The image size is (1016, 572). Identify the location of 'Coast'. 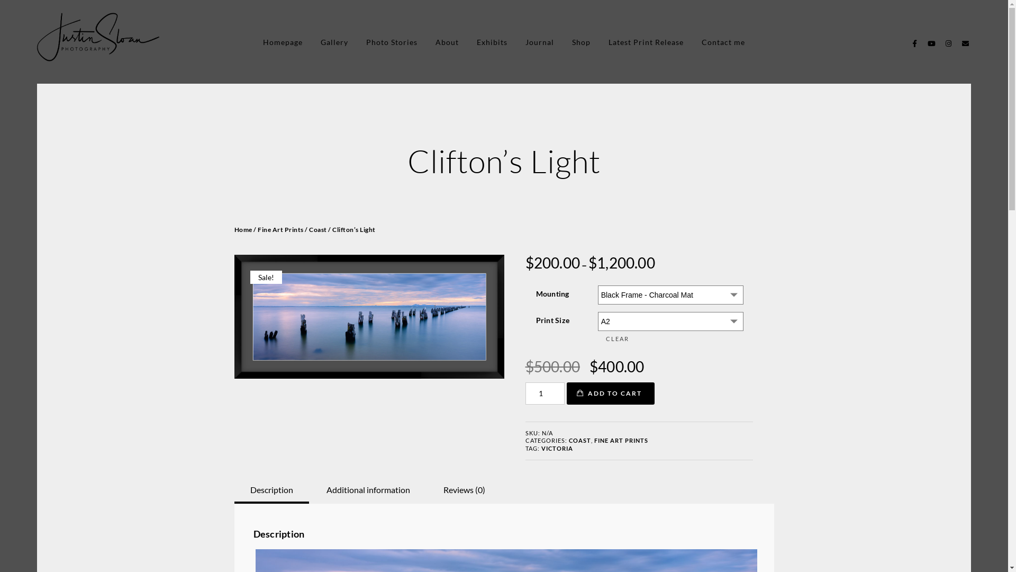
(317, 229).